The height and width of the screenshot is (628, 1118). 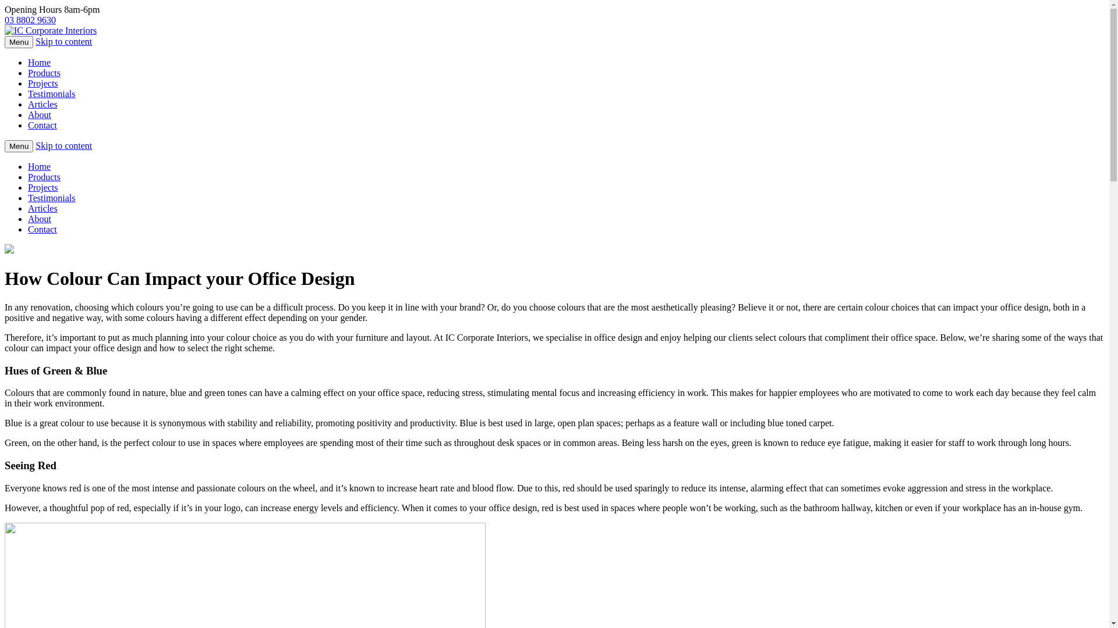 What do you see at coordinates (43, 83) in the screenshot?
I see `'Projects'` at bounding box center [43, 83].